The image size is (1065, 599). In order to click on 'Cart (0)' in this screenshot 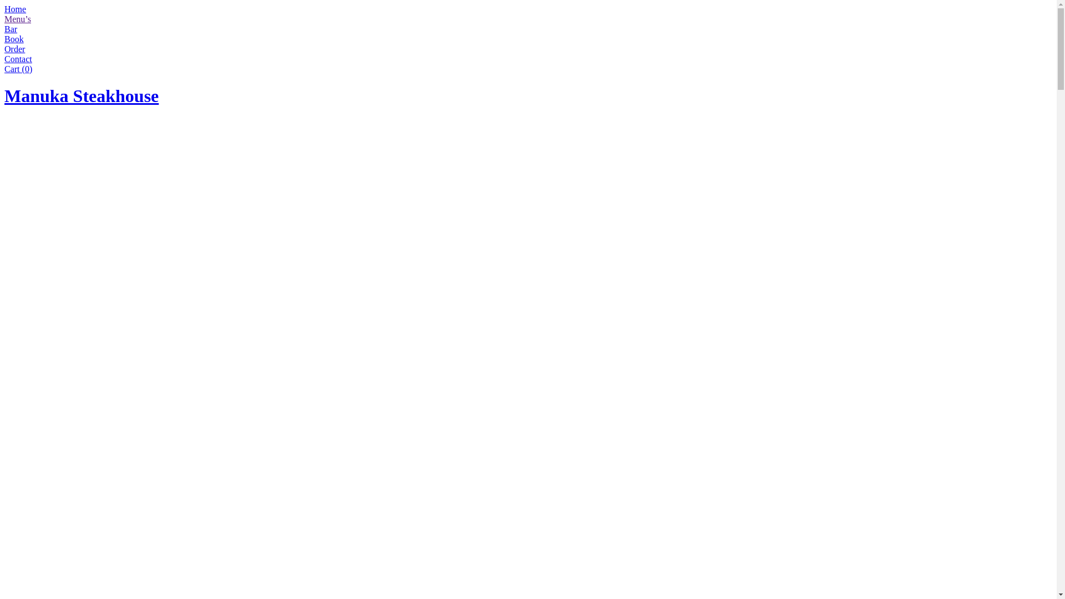, I will do `click(18, 69)`.